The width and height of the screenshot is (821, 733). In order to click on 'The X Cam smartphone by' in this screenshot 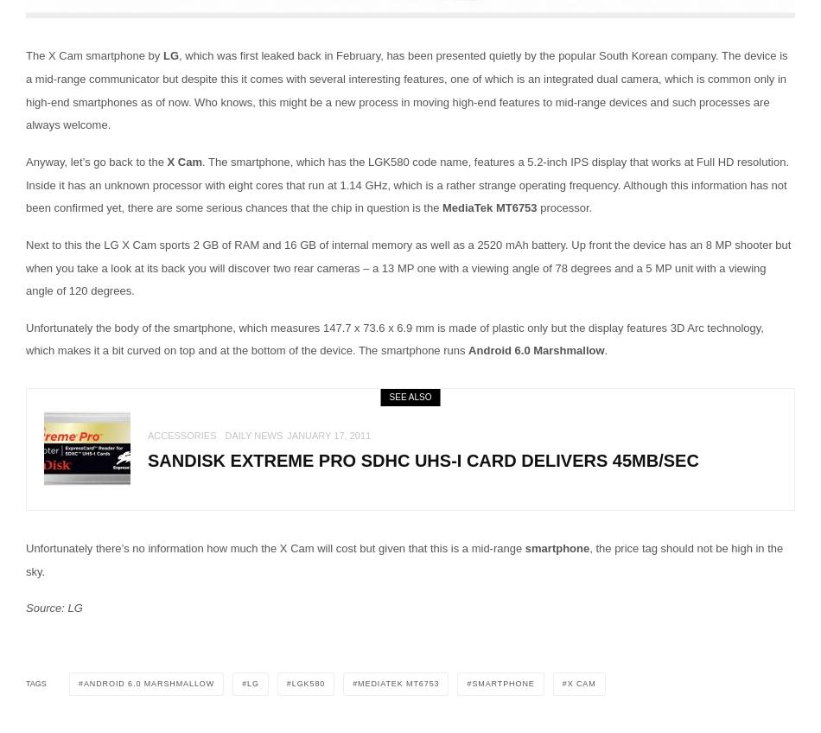, I will do `click(93, 55)`.